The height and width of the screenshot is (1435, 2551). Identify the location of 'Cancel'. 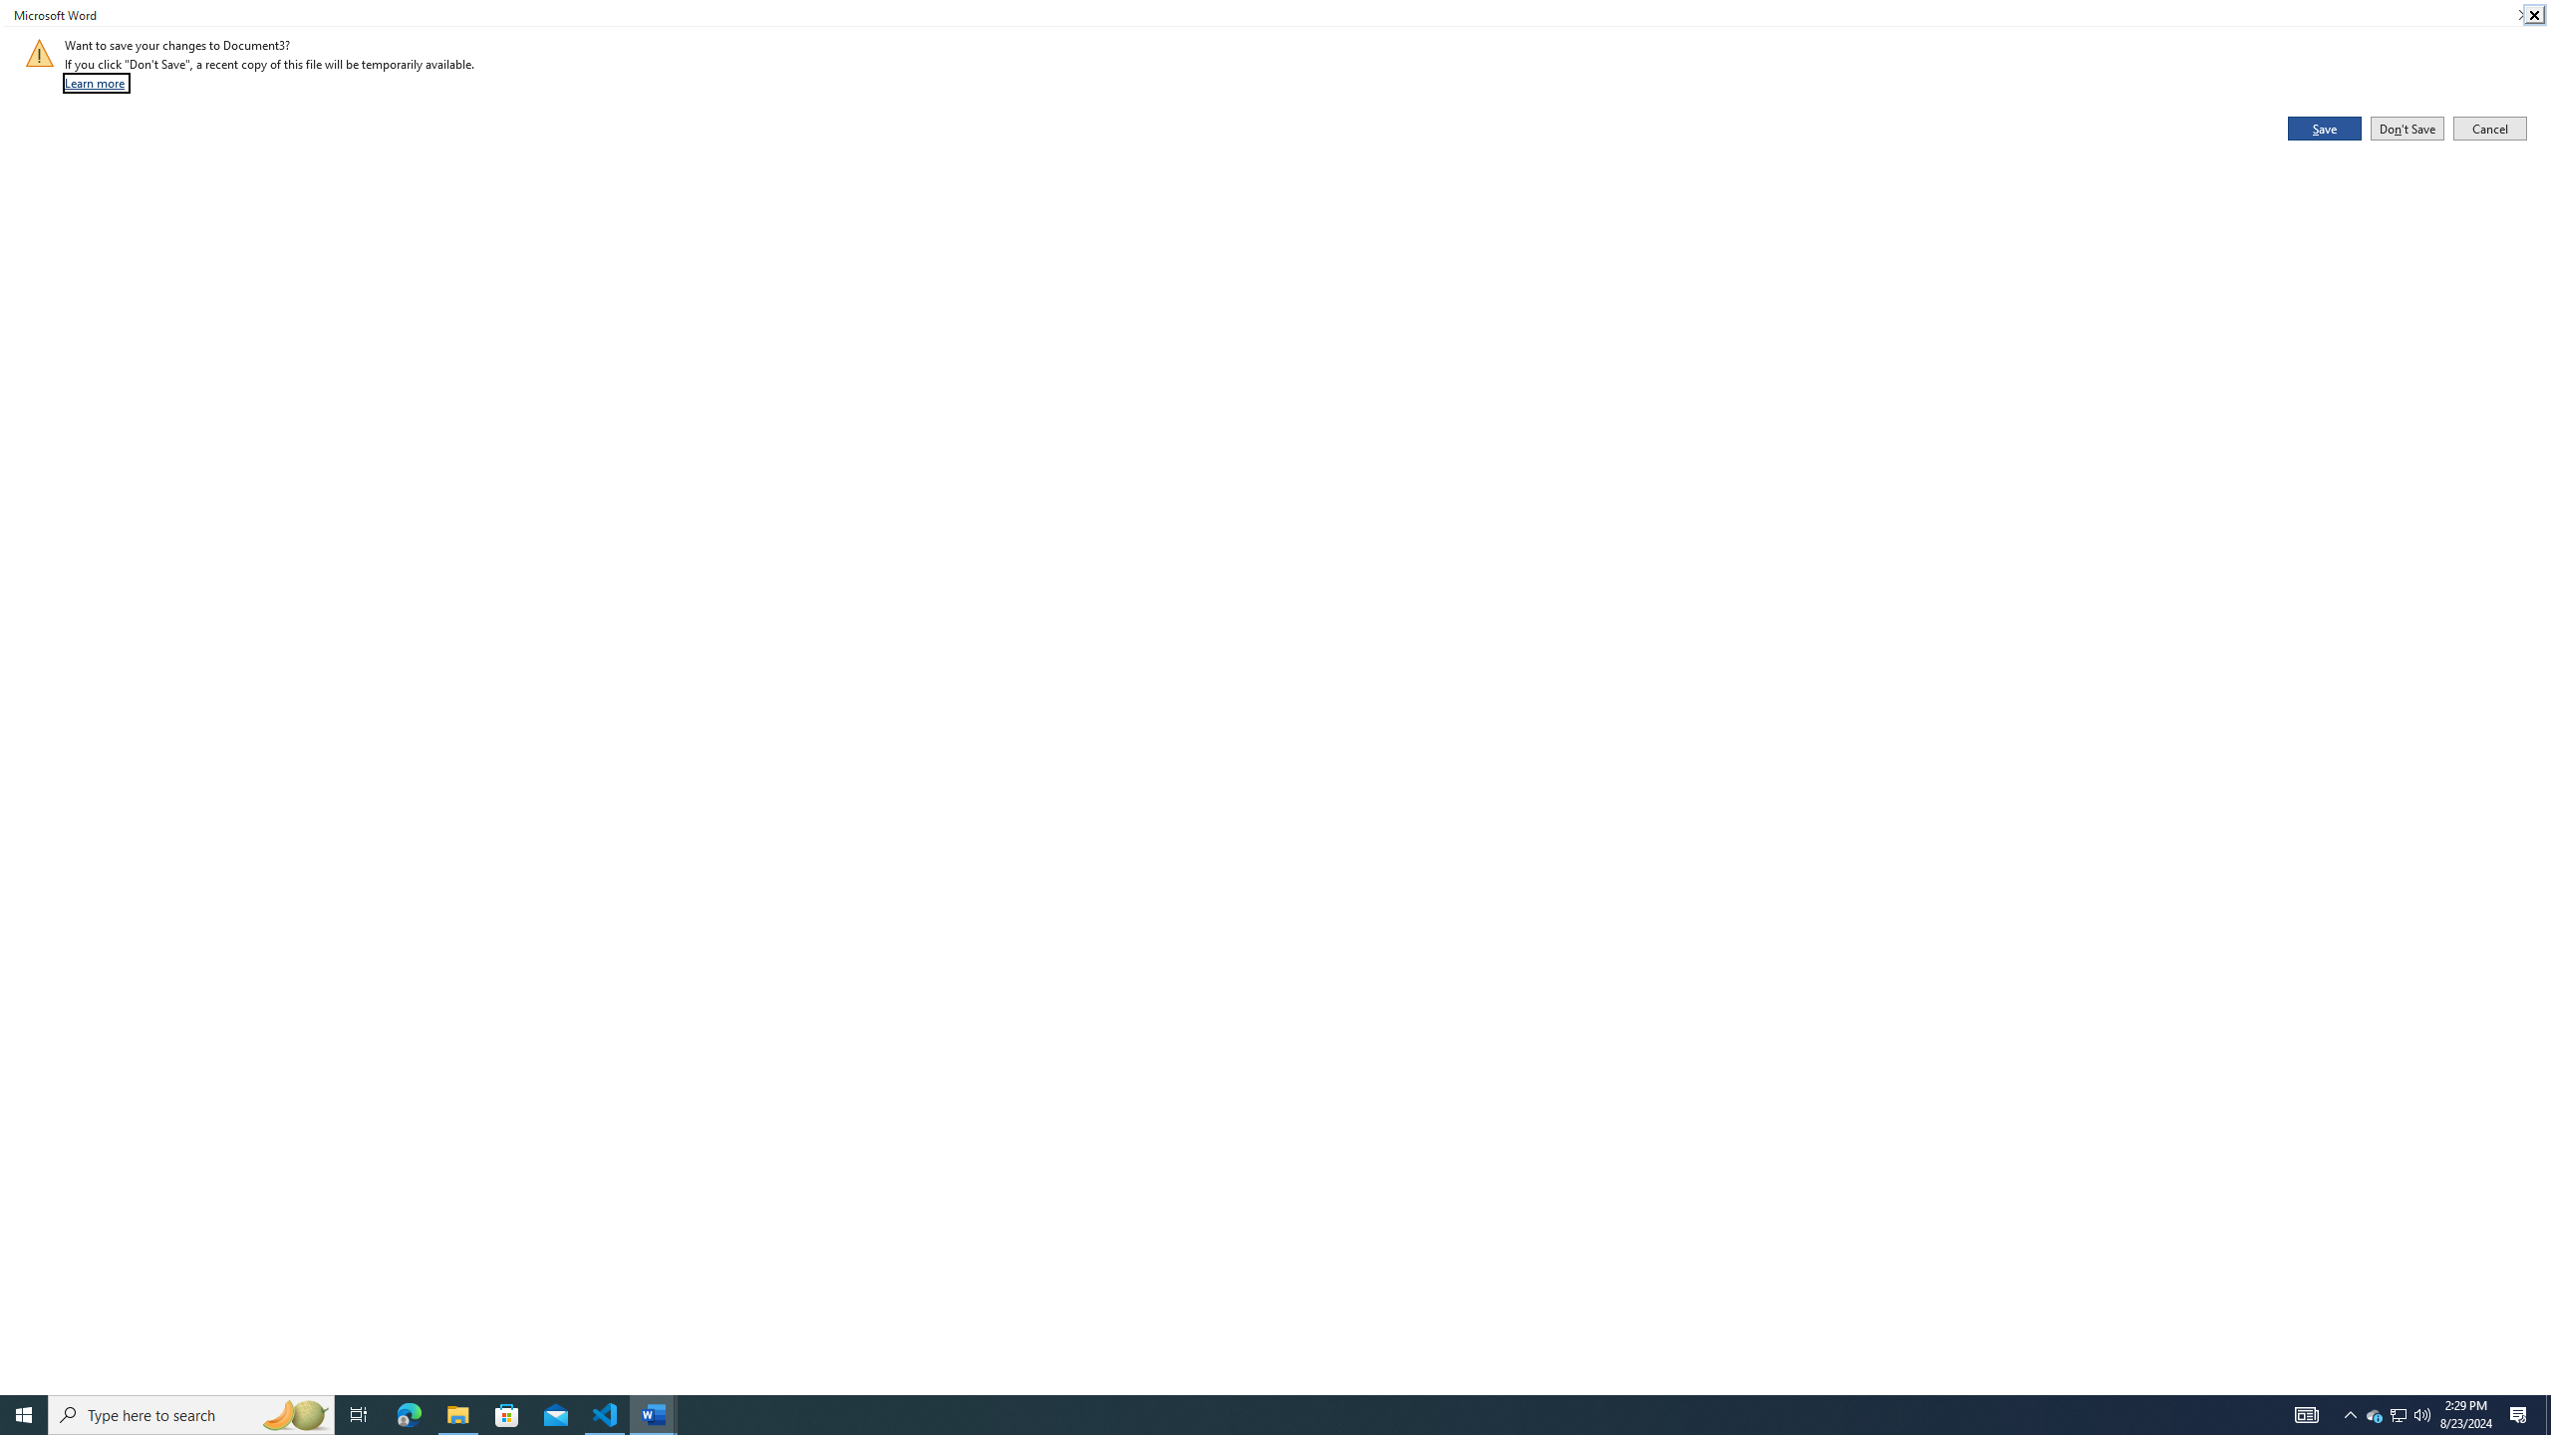
(2489, 127).